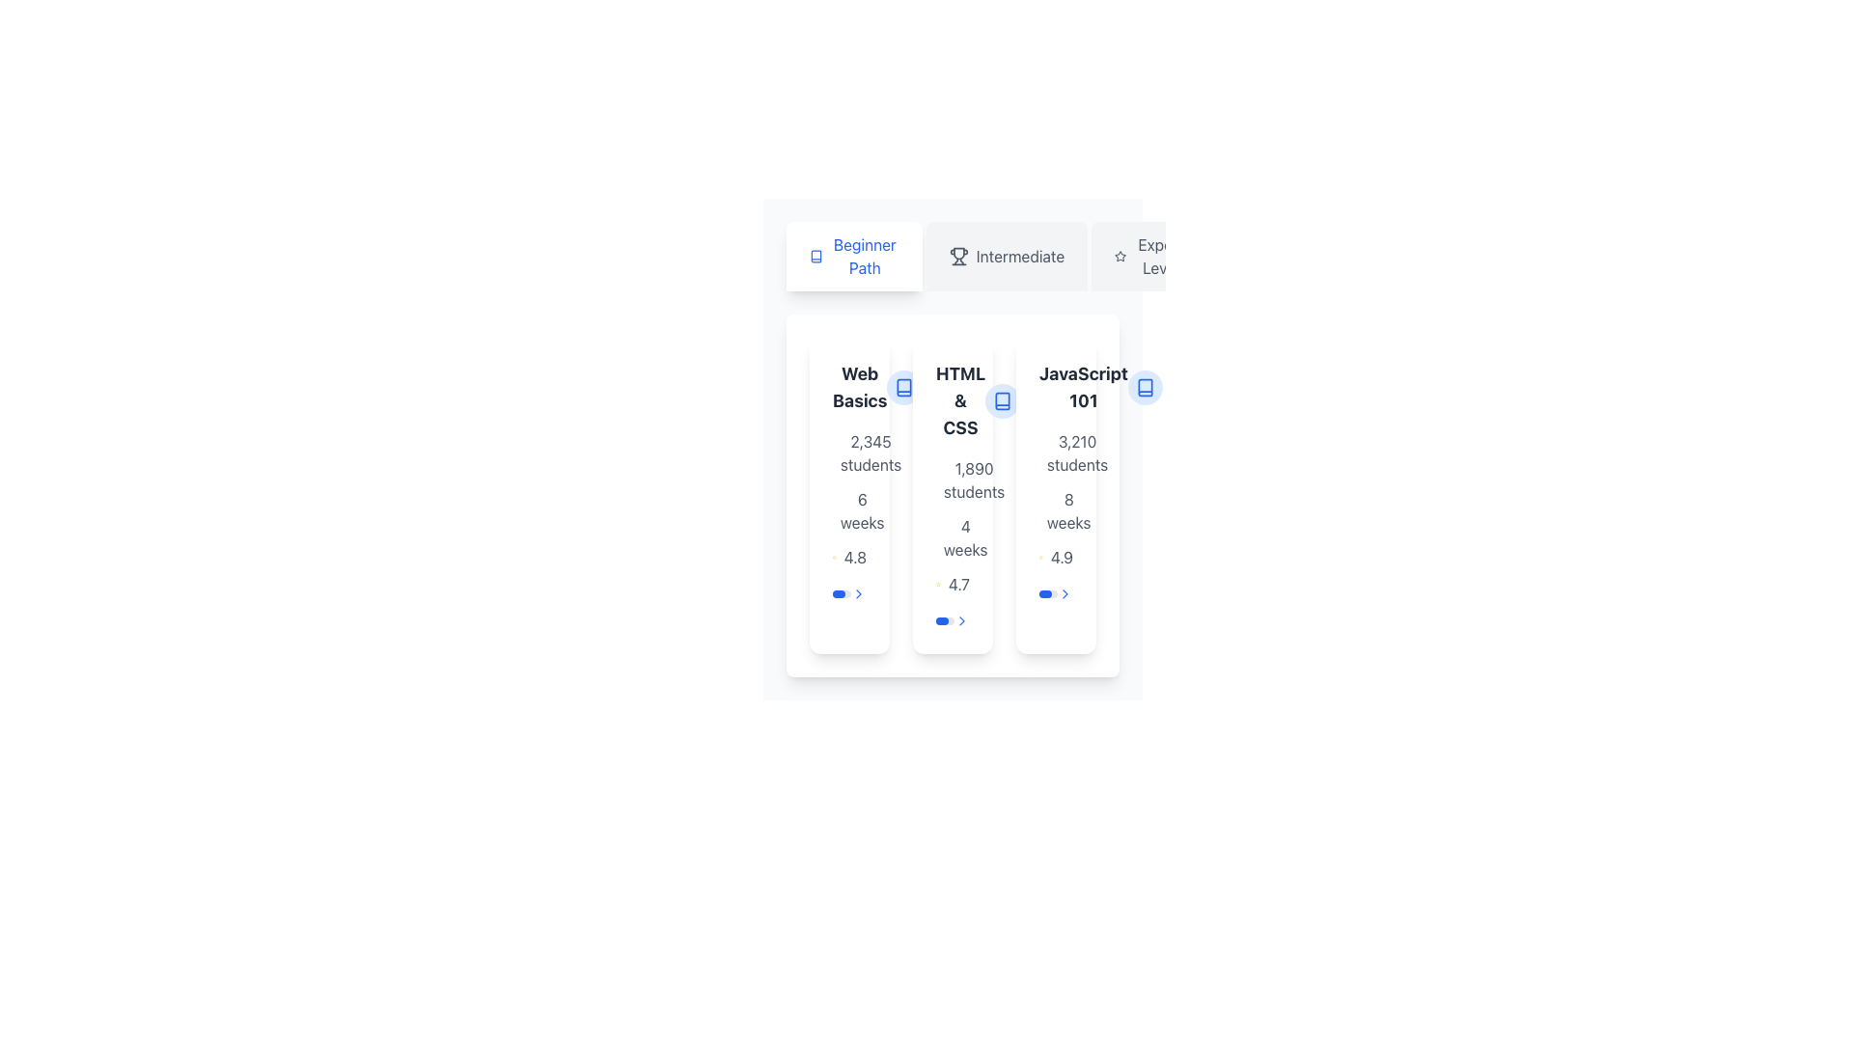 Image resolution: width=1853 pixels, height=1042 pixels. I want to click on the text label displaying '4 weeks', which is centrally aligned below '1,890 students' and above the star rating '4.7' on the third card in the list, so click(965, 538).